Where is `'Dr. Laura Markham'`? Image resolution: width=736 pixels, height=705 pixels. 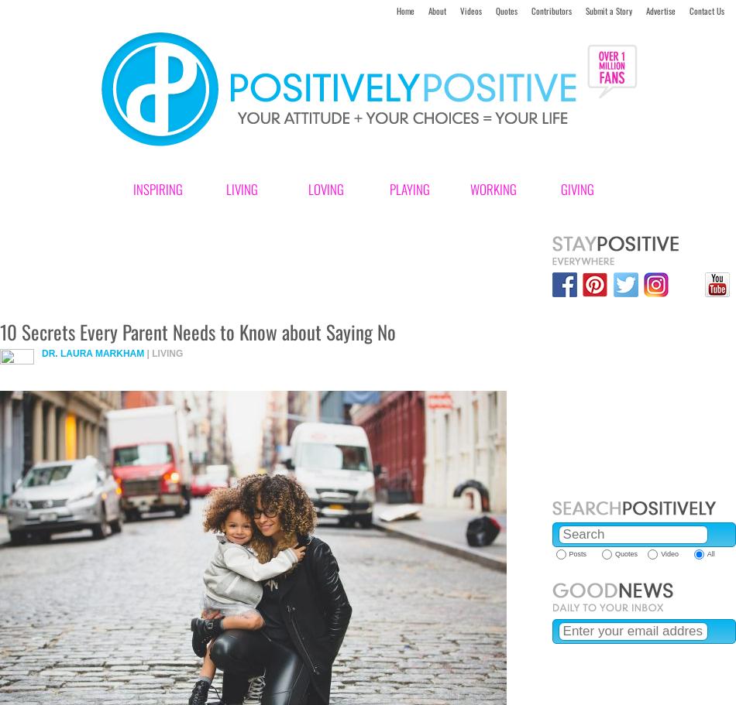 'Dr. Laura Markham' is located at coordinates (92, 352).